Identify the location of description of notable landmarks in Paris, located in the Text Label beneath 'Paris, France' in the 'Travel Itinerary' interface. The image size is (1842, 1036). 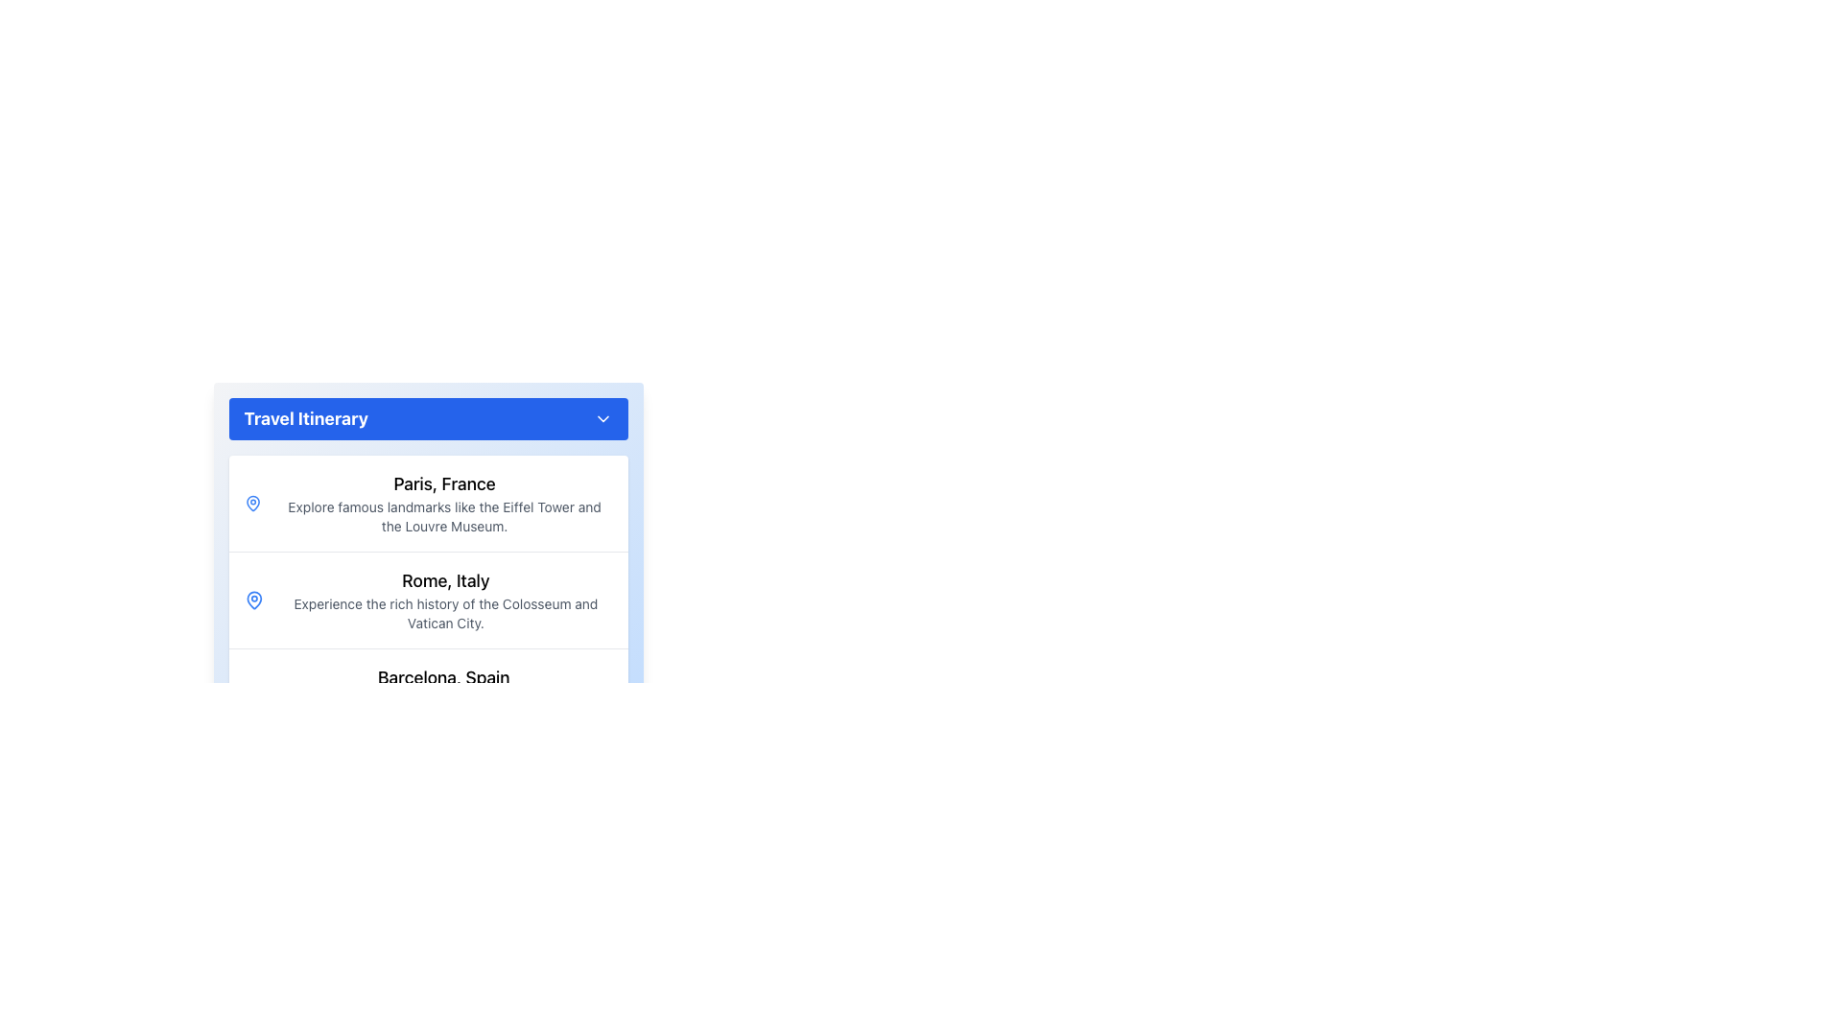
(443, 516).